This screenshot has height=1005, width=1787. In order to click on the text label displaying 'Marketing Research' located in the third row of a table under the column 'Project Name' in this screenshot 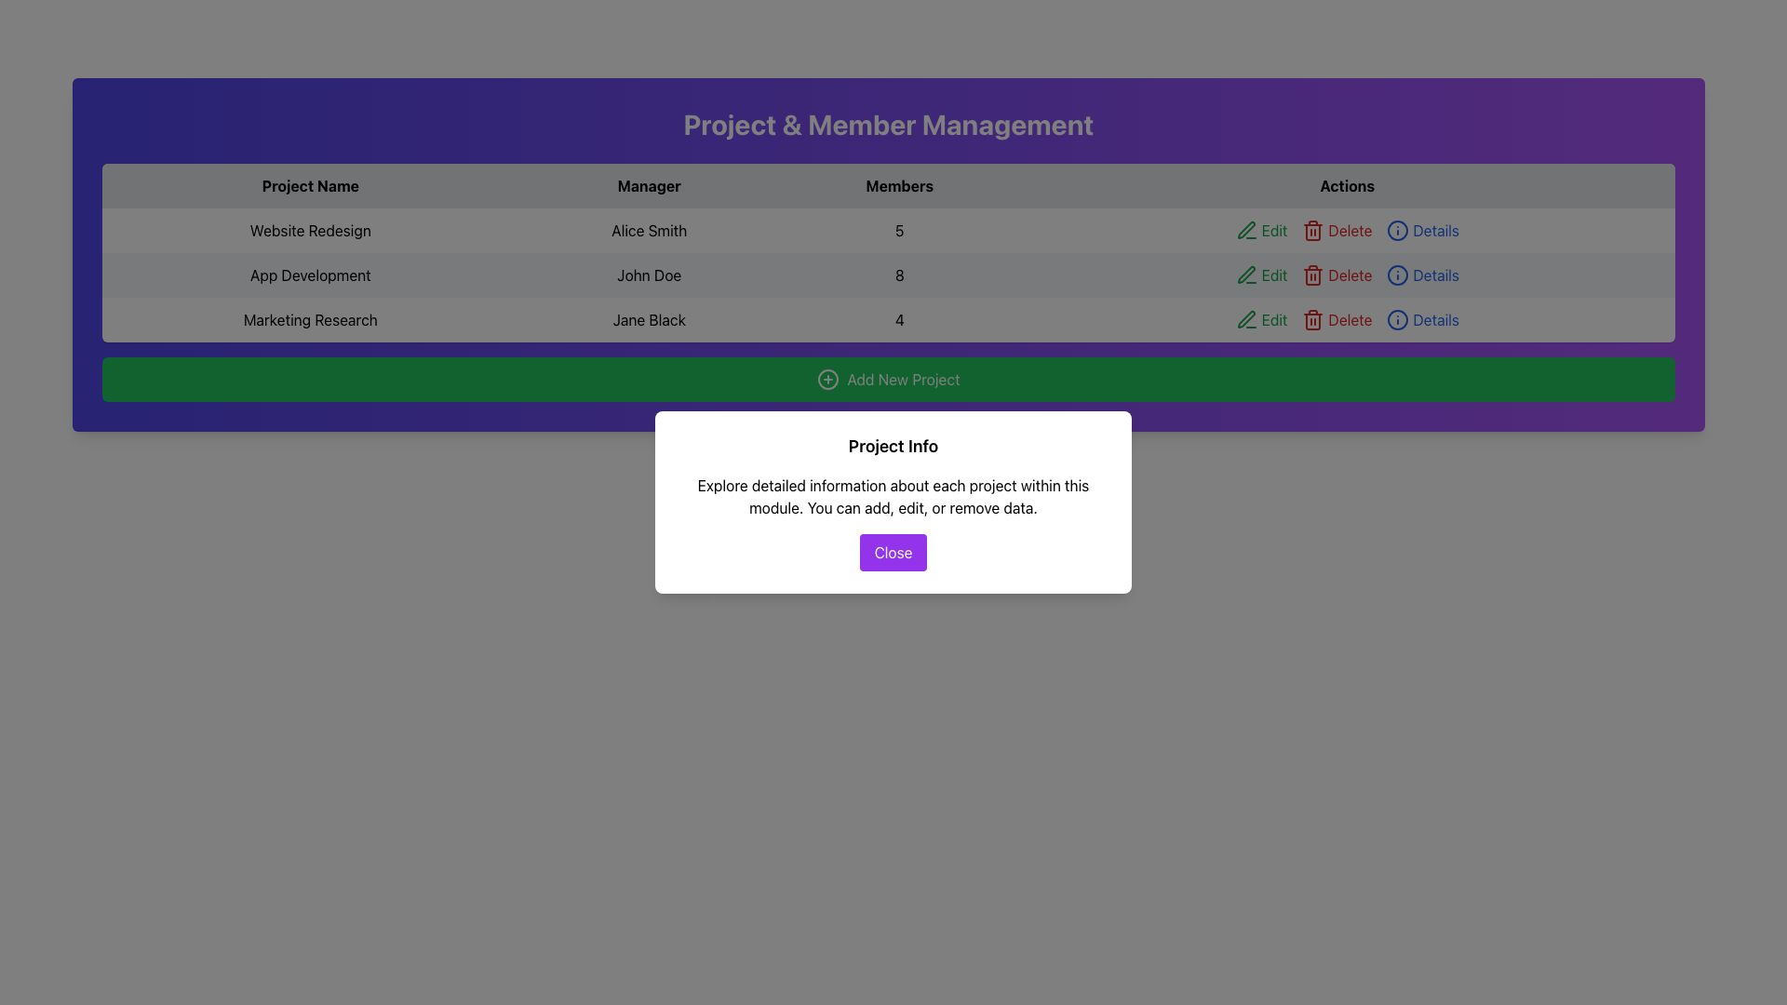, I will do `click(310, 318)`.